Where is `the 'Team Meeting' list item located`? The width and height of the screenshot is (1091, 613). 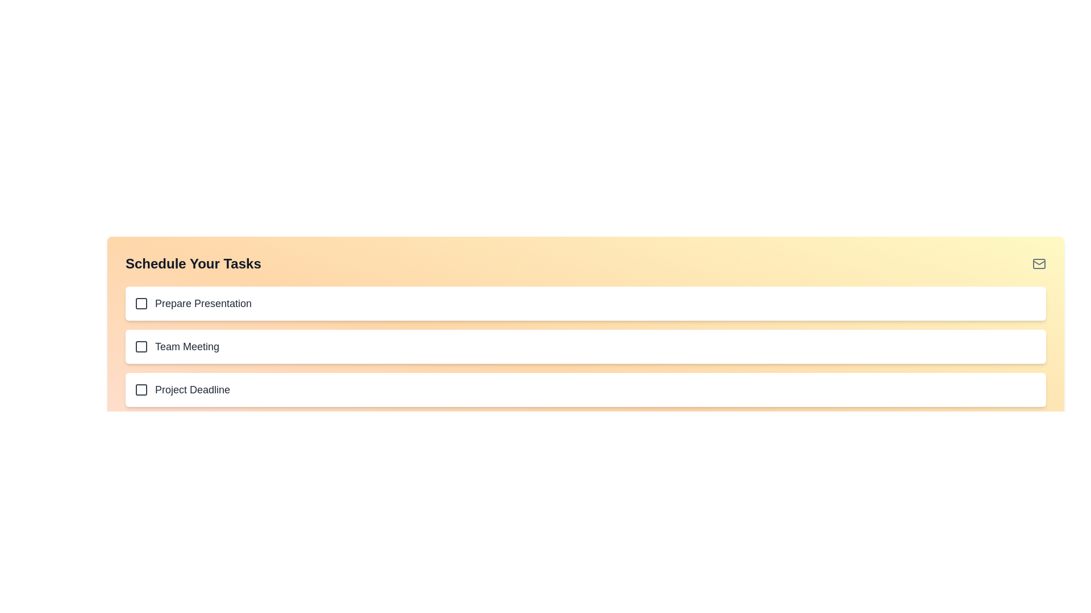 the 'Team Meeting' list item located is located at coordinates (586, 346).